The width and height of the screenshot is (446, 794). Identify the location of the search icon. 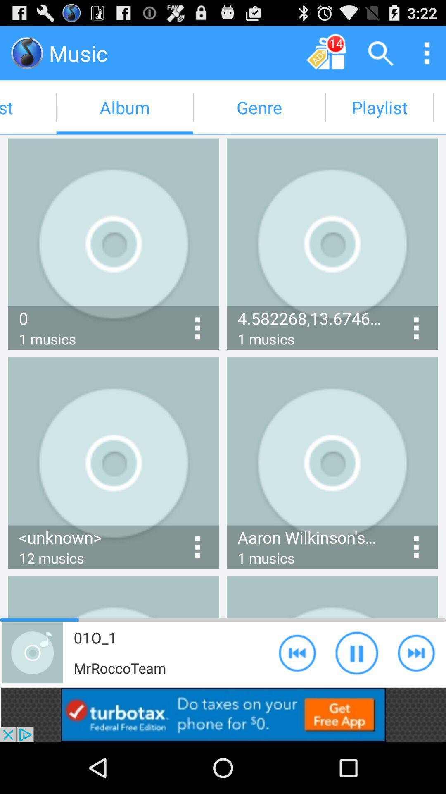
(381, 53).